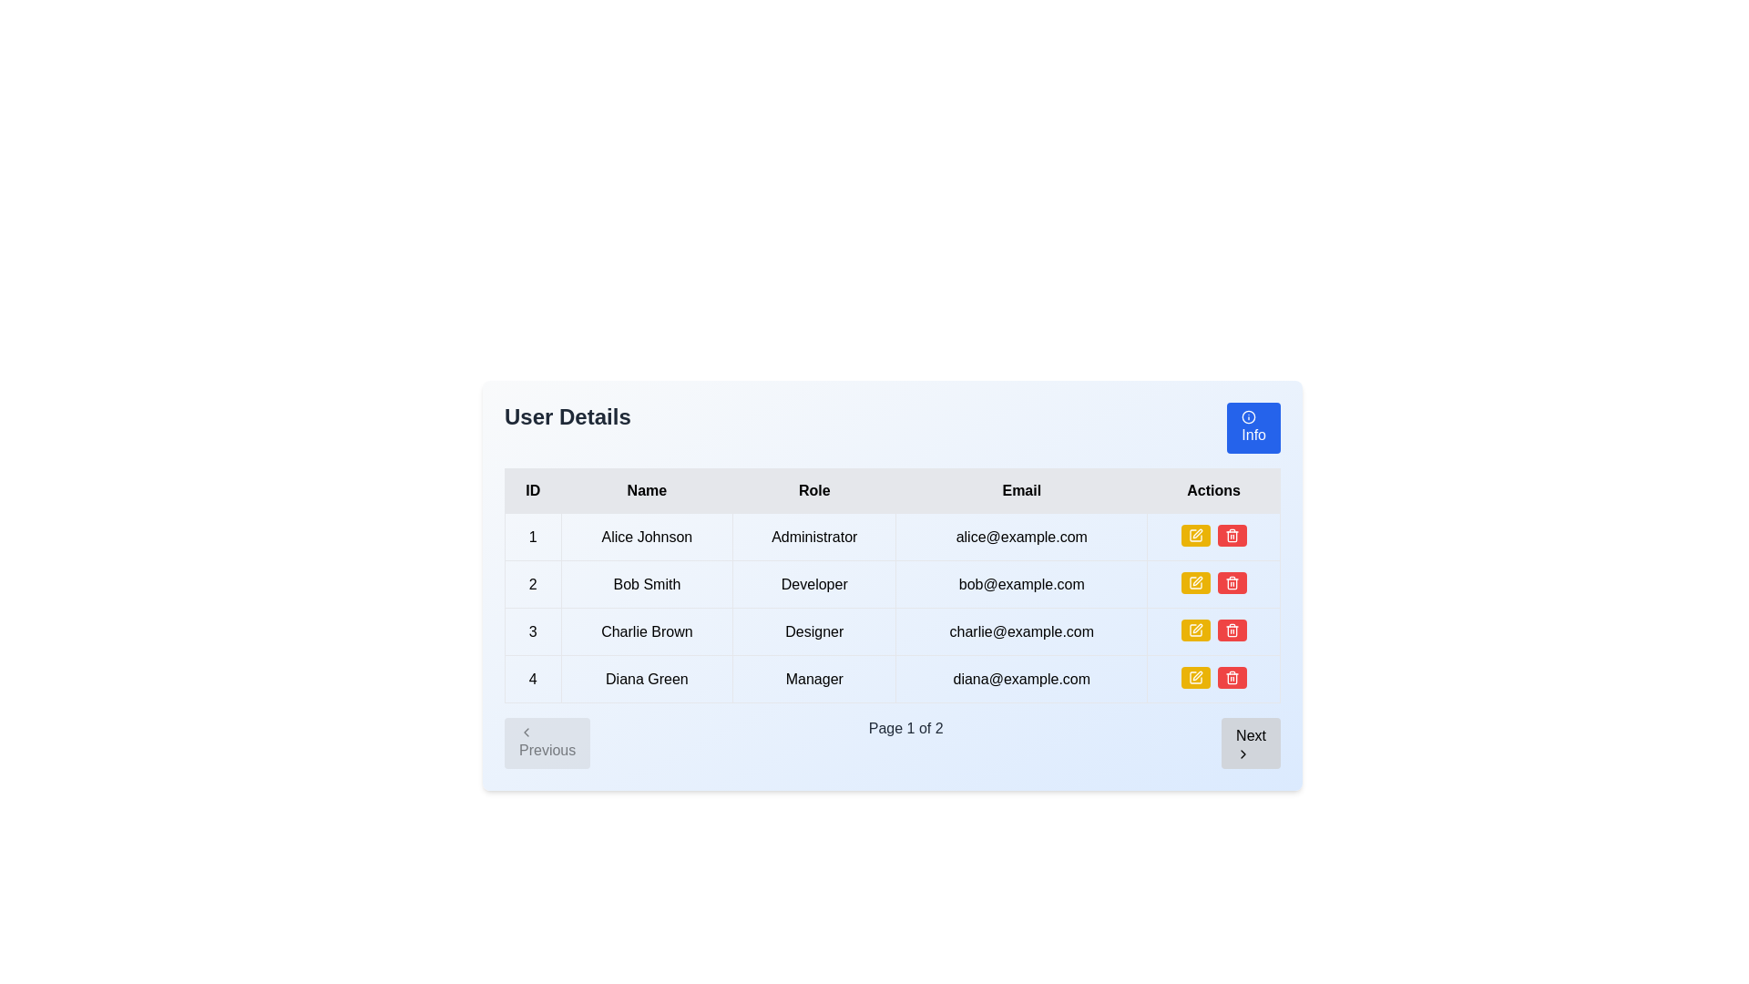  I want to click on the trash bin icon in the fourth row of the user details table, so click(1232, 536).